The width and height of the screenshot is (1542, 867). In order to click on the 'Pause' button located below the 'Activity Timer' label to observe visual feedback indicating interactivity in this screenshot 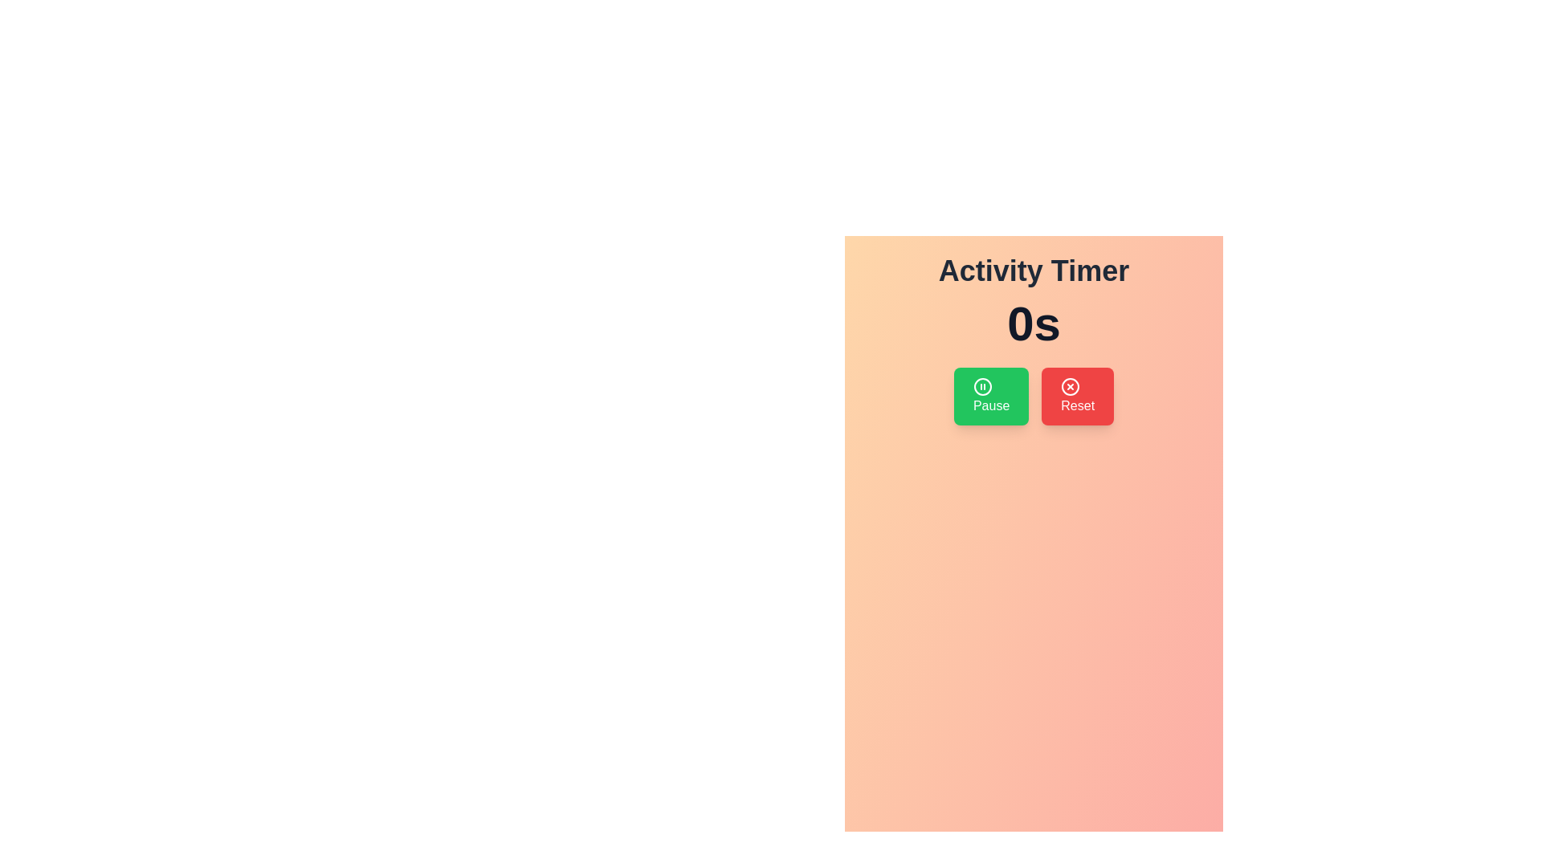, I will do `click(990, 396)`.